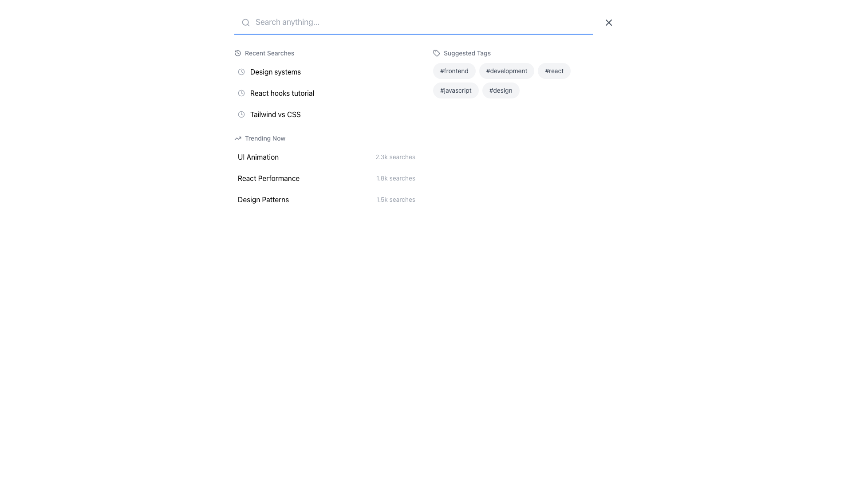 The height and width of the screenshot is (479, 852). I want to click on an individual item in the recent search queries list located in the upper left quadrant of the interface, so click(326, 86).